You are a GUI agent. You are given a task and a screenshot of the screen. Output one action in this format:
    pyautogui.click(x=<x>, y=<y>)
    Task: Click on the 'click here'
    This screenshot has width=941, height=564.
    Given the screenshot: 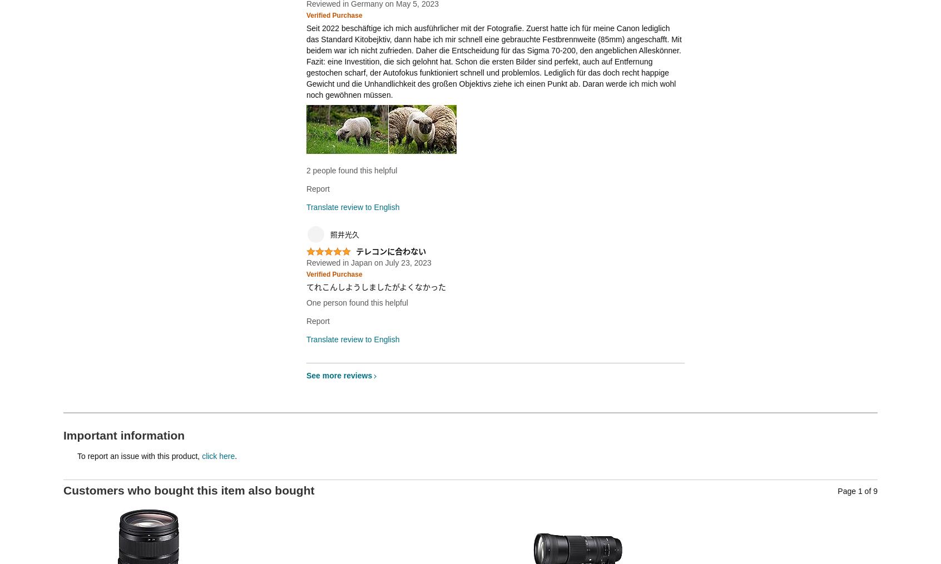 What is the action you would take?
    pyautogui.click(x=218, y=456)
    